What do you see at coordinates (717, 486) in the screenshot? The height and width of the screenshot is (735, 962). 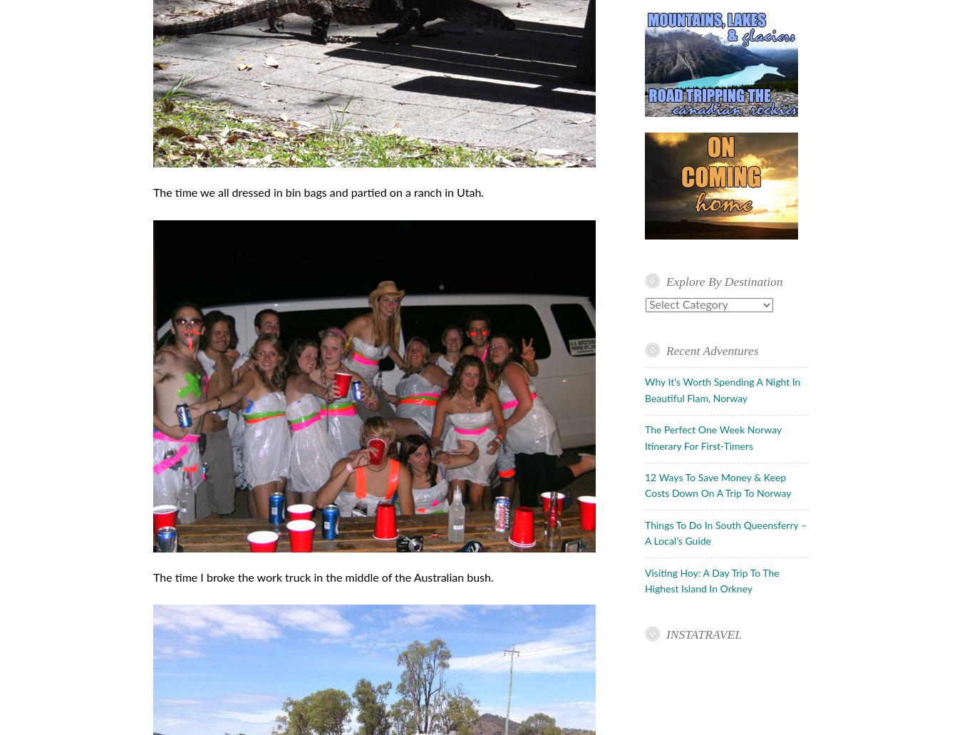 I see `'12 Ways To Save Money & Keep Costs Down On A Trip To Norway'` at bounding box center [717, 486].